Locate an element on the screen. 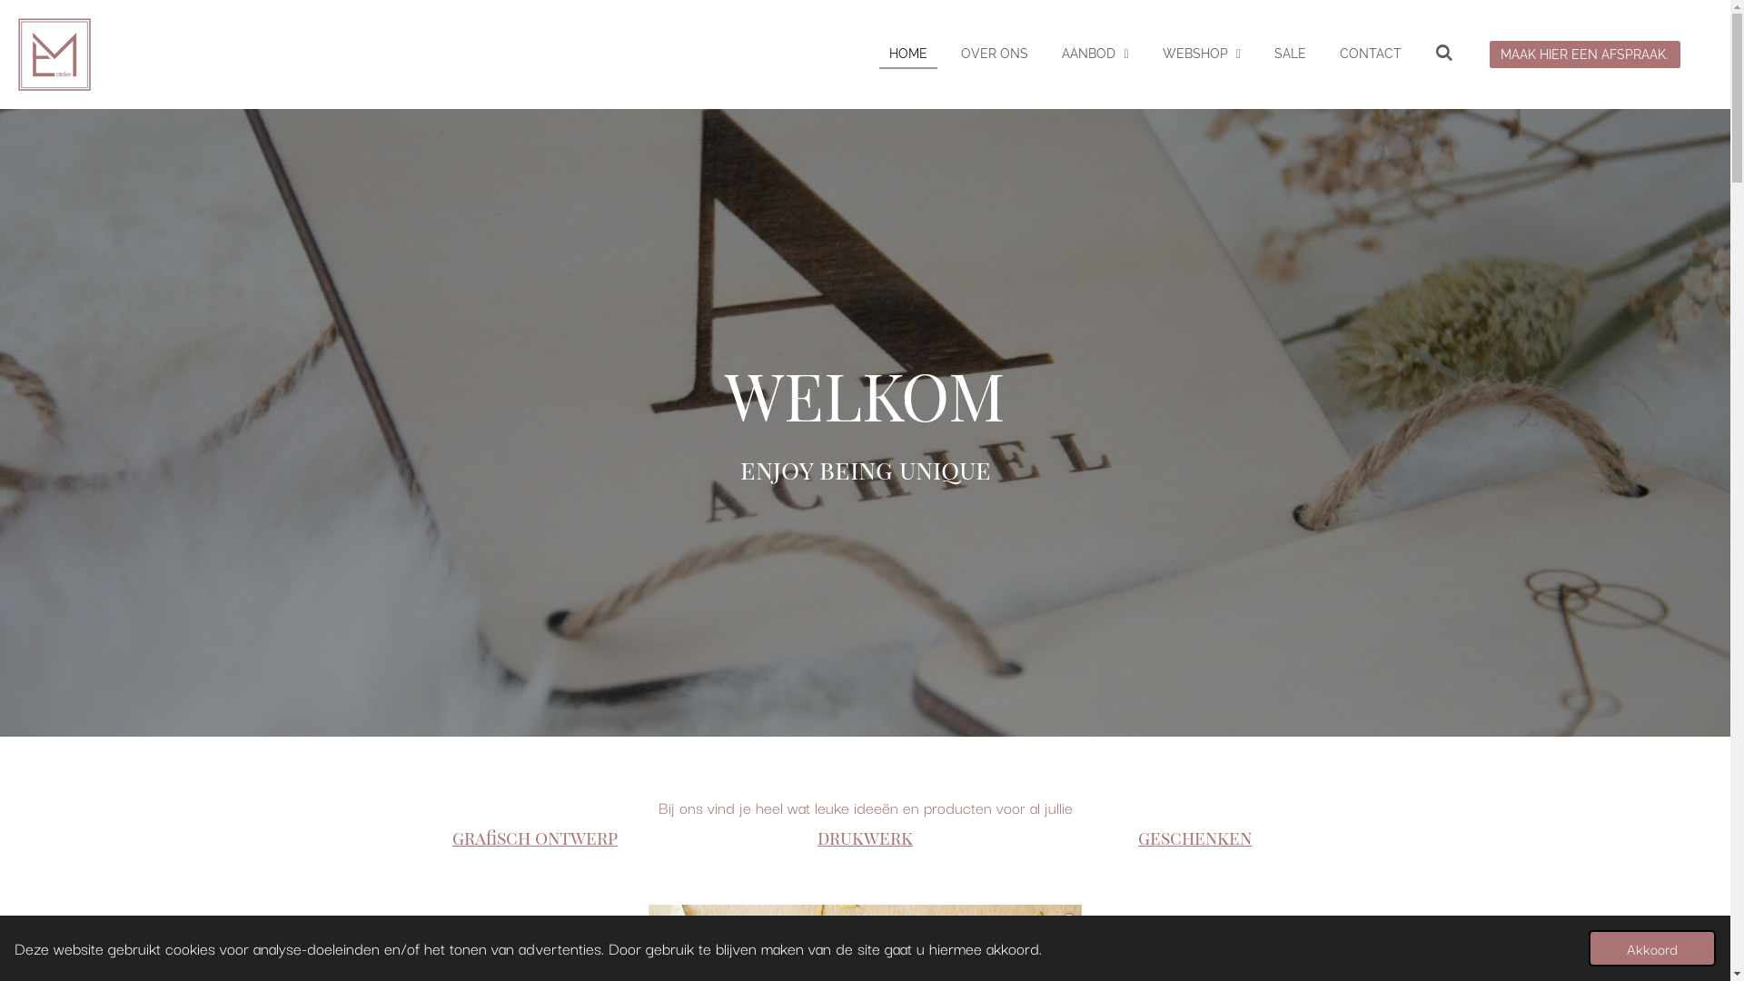  'OVER ONS' is located at coordinates (993, 53).